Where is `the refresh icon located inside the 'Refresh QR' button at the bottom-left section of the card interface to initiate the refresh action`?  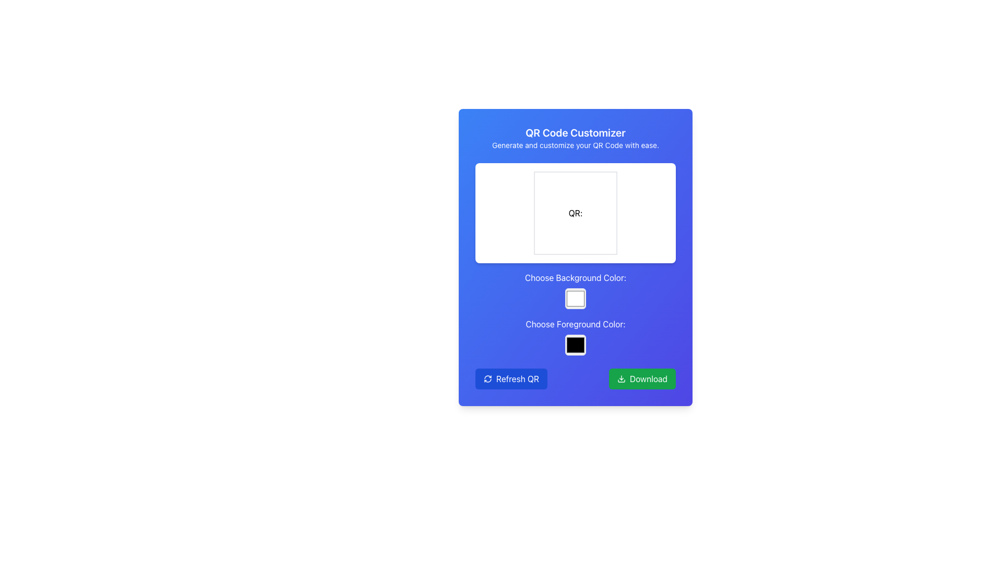
the refresh icon located inside the 'Refresh QR' button at the bottom-left section of the card interface to initiate the refresh action is located at coordinates (487, 378).